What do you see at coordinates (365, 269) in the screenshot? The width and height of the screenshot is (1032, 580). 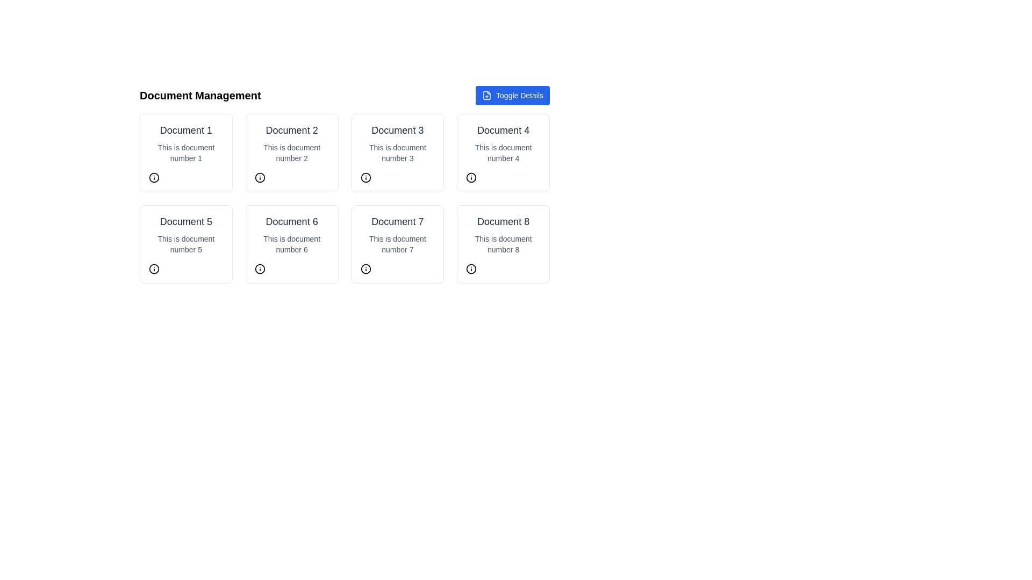 I see `the circular icon representing 'Document 7', which is part of a list of document icons, located beneath the text 'This is document number 7'` at bounding box center [365, 269].